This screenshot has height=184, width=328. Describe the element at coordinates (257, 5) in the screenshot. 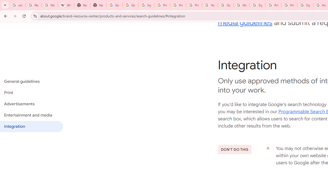

I see `'Sign in - Google Accounts'` at that location.